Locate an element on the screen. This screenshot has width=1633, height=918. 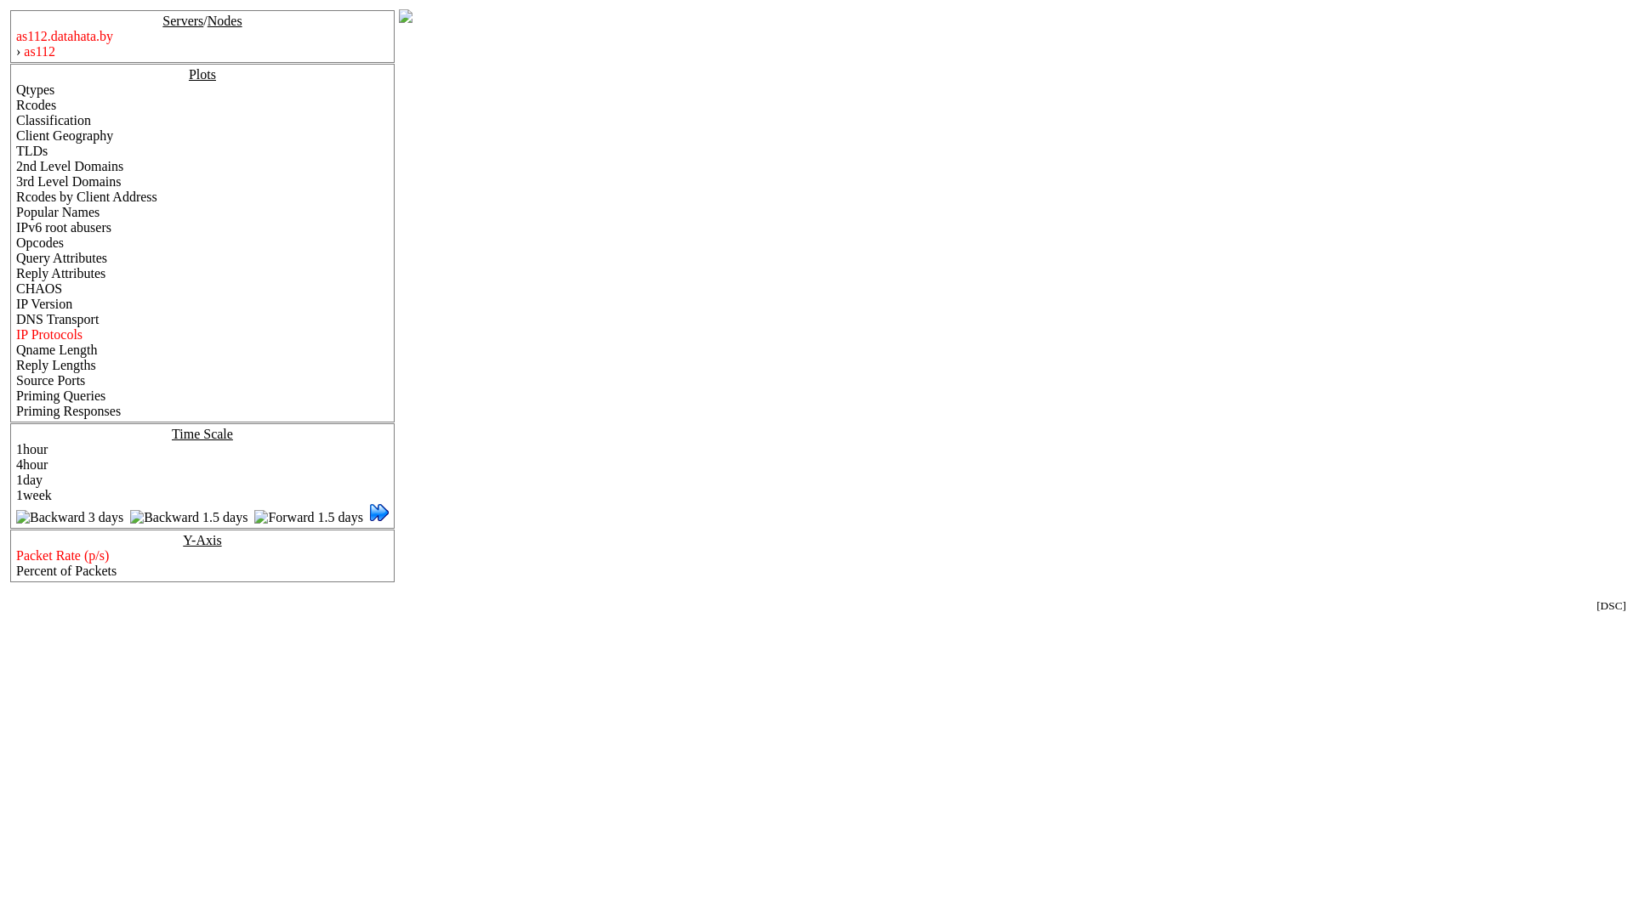
'Packet Rate (p/s)' is located at coordinates (62, 555).